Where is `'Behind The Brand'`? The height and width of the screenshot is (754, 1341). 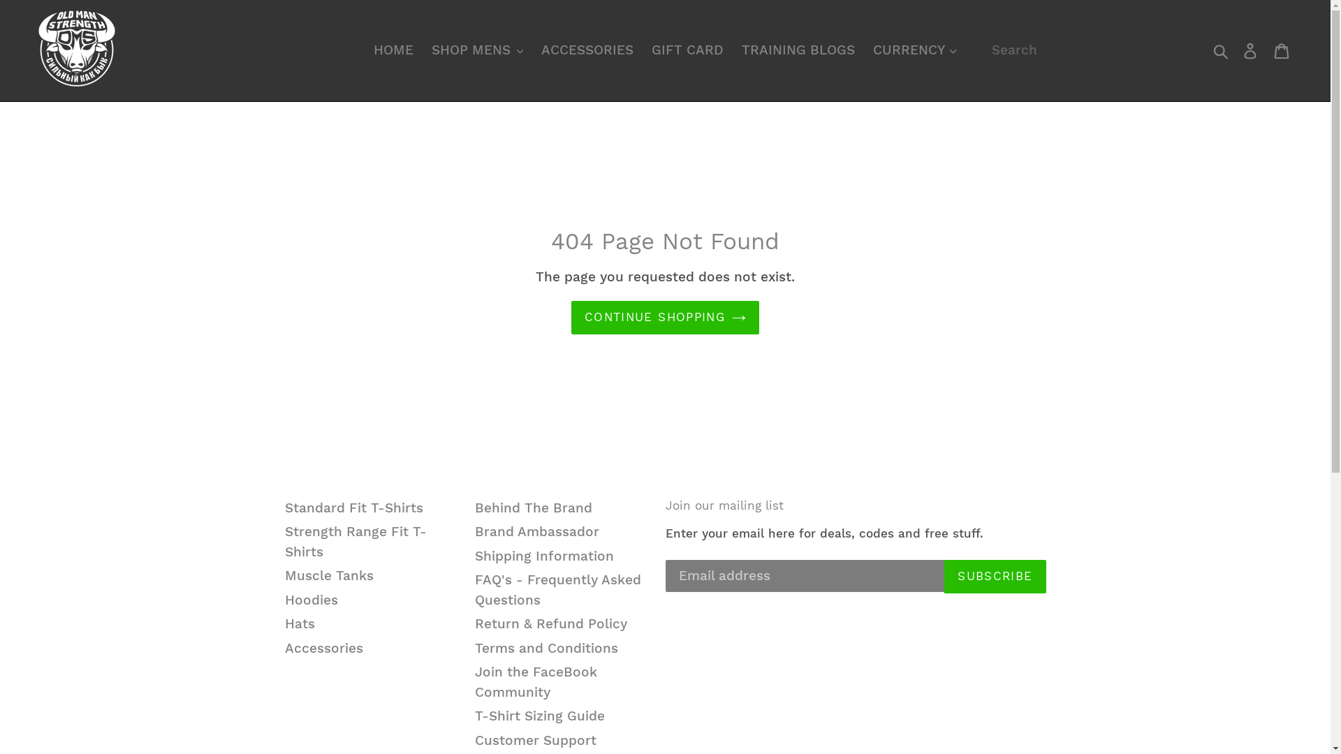
'Behind The Brand' is located at coordinates (532, 508).